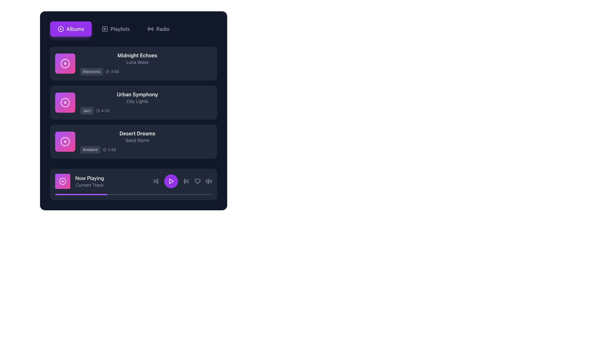 This screenshot has width=605, height=340. What do you see at coordinates (105, 150) in the screenshot?
I see `the circular graphical component representing the clock symbol located at the bottom-right of the third track ('Desert Dreams') in the list` at bounding box center [105, 150].